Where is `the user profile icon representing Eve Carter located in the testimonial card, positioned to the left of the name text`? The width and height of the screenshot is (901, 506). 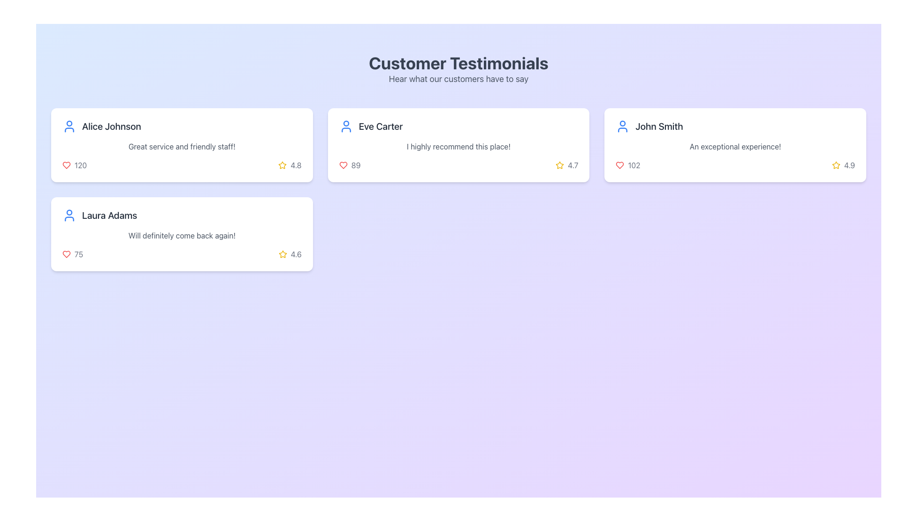 the user profile icon representing Eve Carter located in the testimonial card, positioned to the left of the name text is located at coordinates (345, 130).